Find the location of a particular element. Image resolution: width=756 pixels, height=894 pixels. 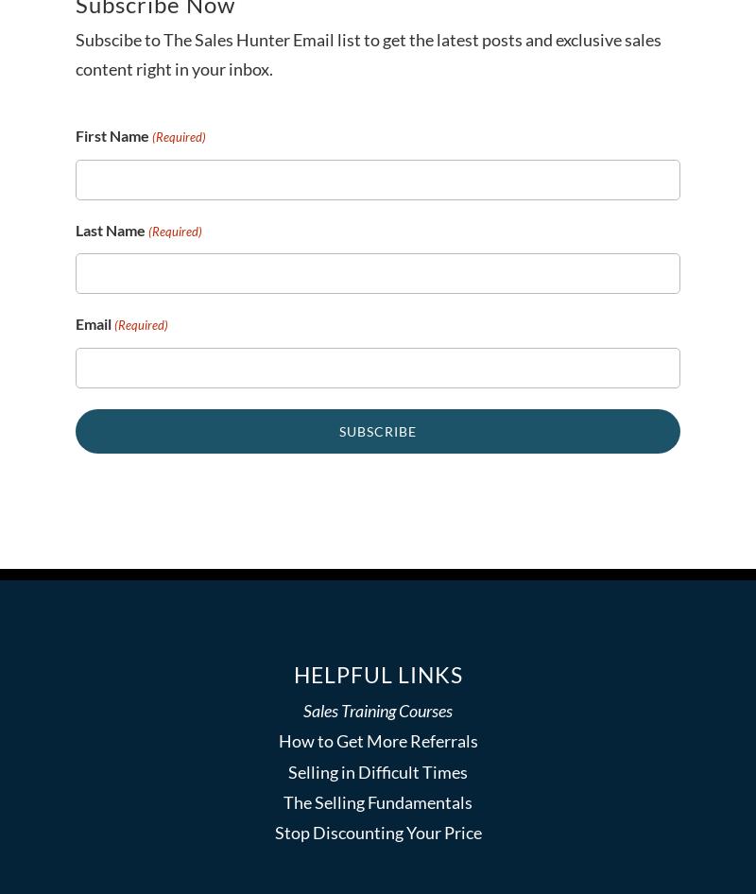

'Subscibe to The Sales Hunter Email list to get the latest posts and exclusive sales content right in your inbox.' is located at coordinates (368, 53).